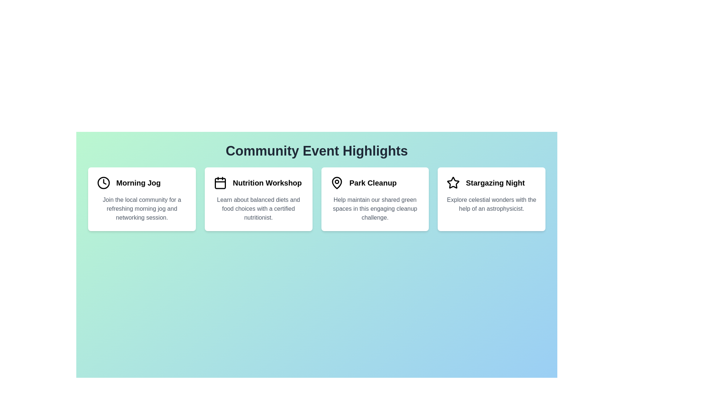 This screenshot has height=400, width=711. What do you see at coordinates (142, 183) in the screenshot?
I see `the Text block with the accompanying icon that serves as a label for the event card titled 'Morning Jog' in the 'Community Event Highlights' section` at bounding box center [142, 183].